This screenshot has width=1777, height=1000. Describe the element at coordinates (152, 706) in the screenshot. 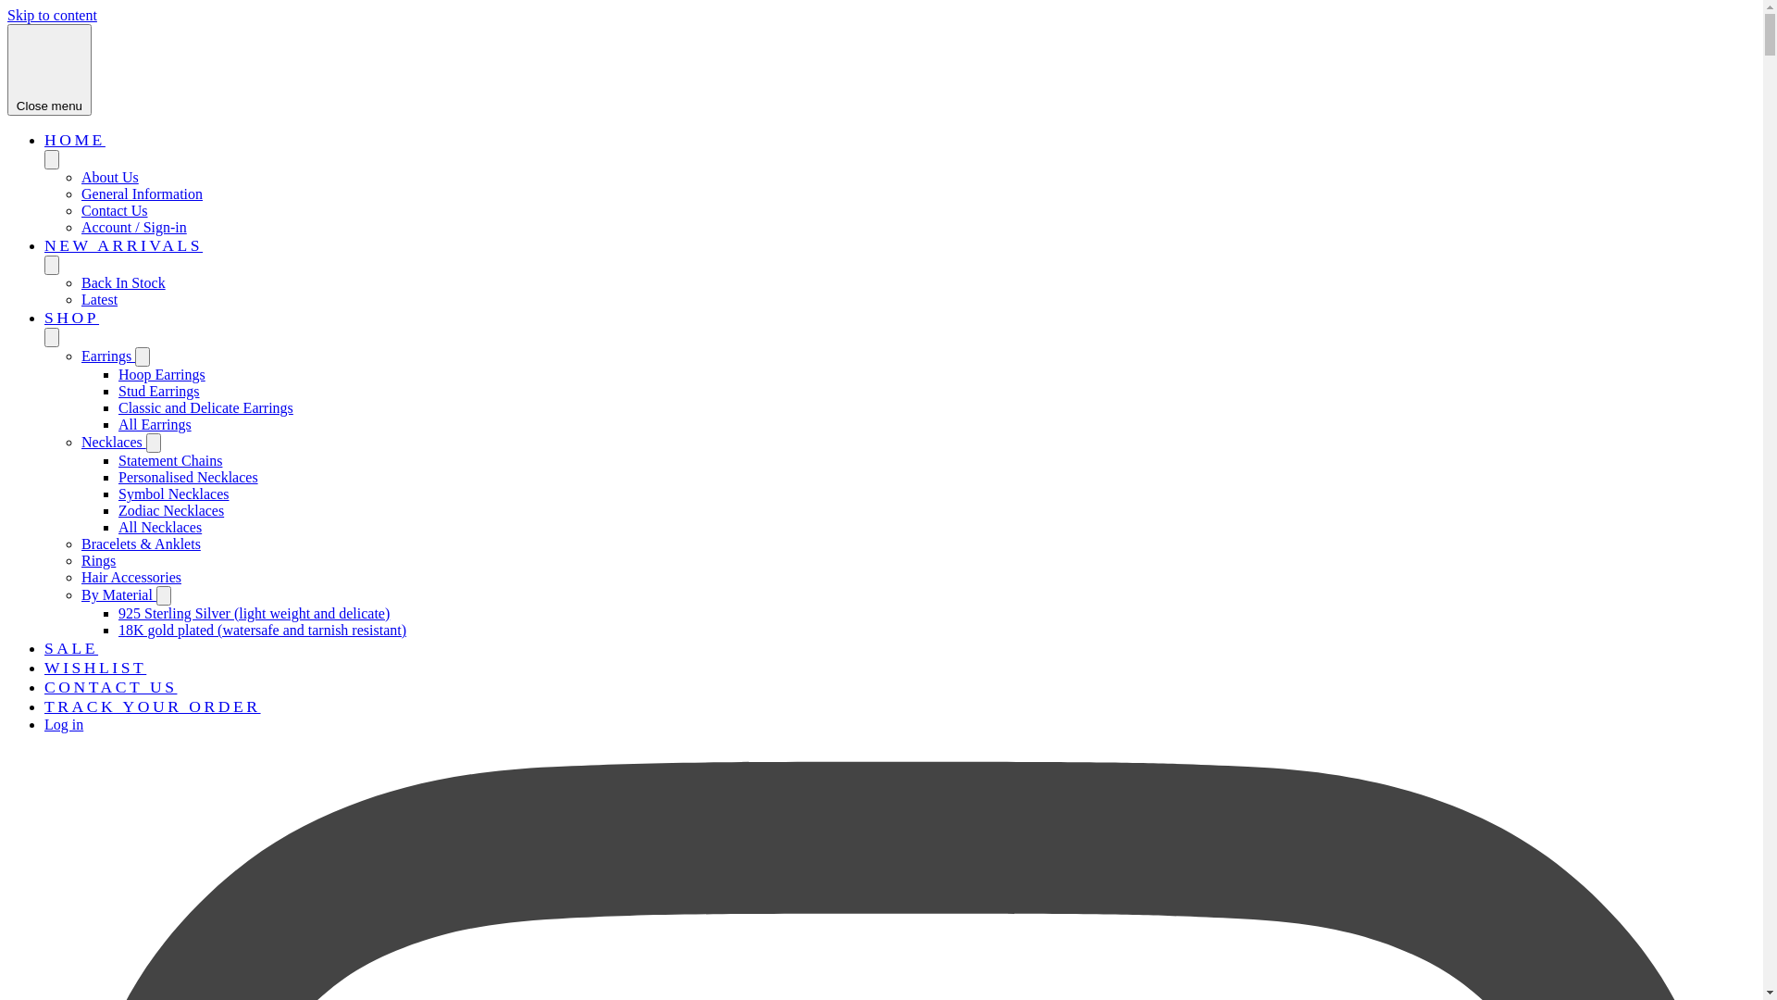

I see `'TRACK YOUR ORDER'` at that location.